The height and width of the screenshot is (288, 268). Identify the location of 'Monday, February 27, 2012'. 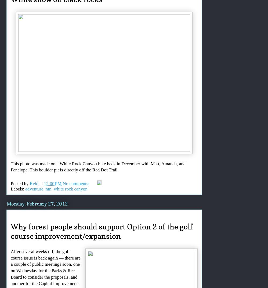
(37, 203).